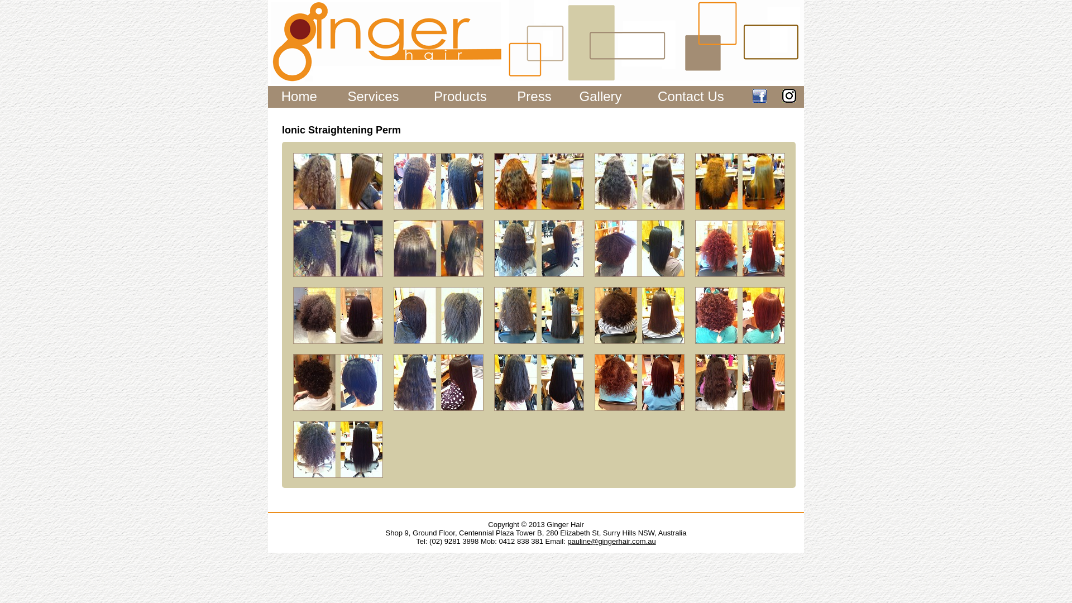  Describe the element at coordinates (438, 314) in the screenshot. I see `'Client 9 - After 8 Months'` at that location.